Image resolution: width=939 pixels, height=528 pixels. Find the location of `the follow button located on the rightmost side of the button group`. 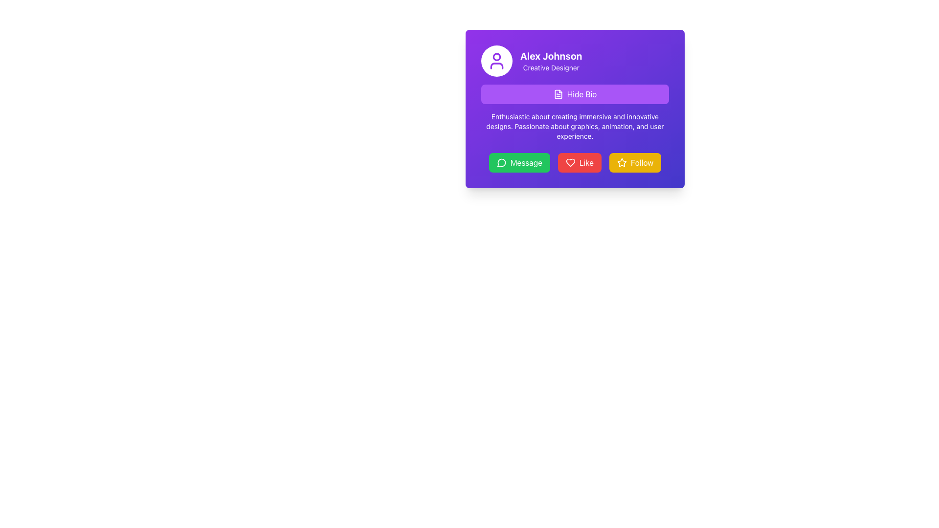

the follow button located on the rightmost side of the button group is located at coordinates (635, 162).